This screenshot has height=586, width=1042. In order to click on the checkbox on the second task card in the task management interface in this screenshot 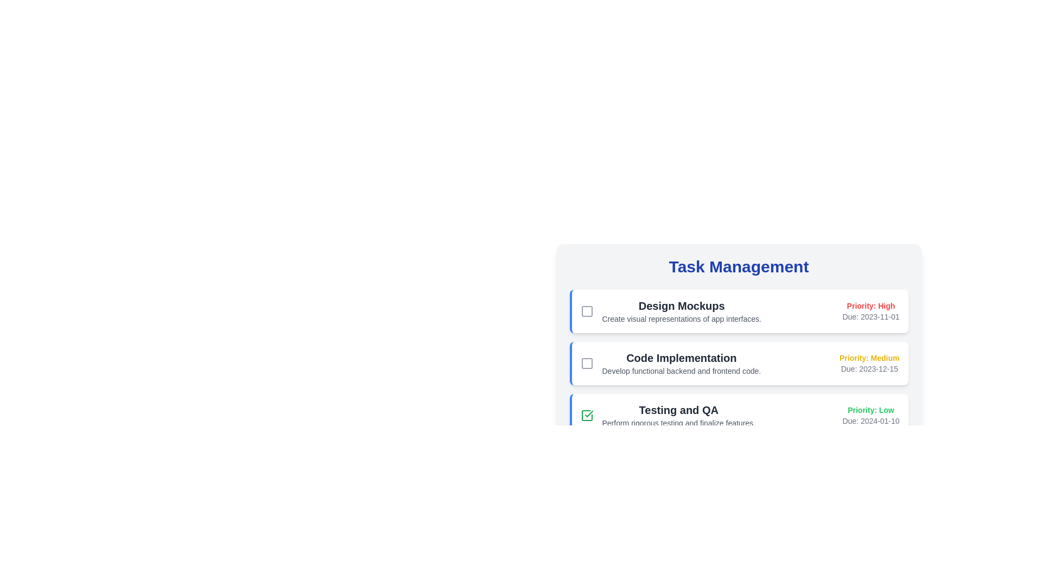, I will do `click(739, 364)`.